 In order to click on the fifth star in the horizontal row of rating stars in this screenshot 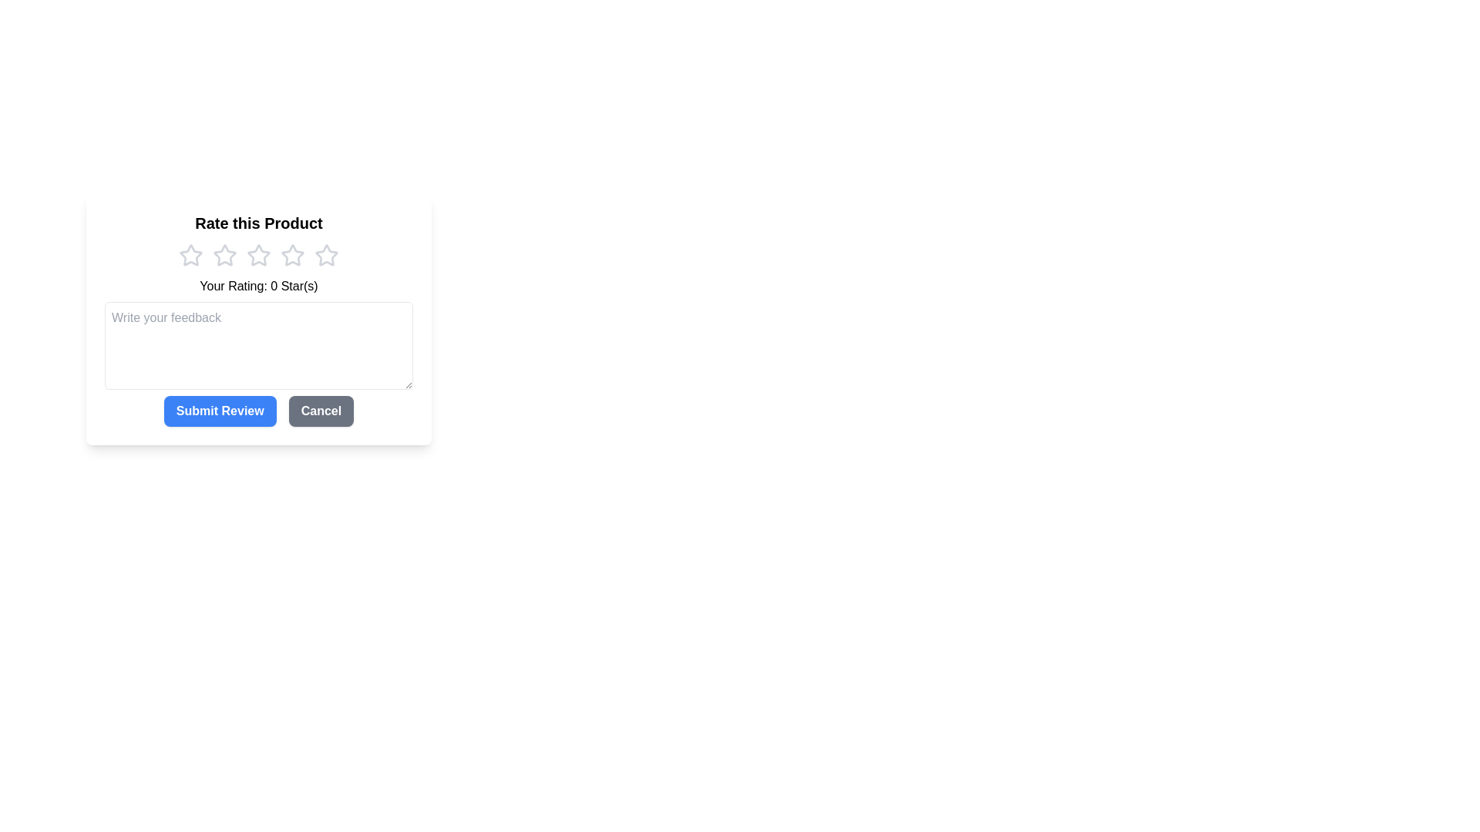, I will do `click(325, 254)`.